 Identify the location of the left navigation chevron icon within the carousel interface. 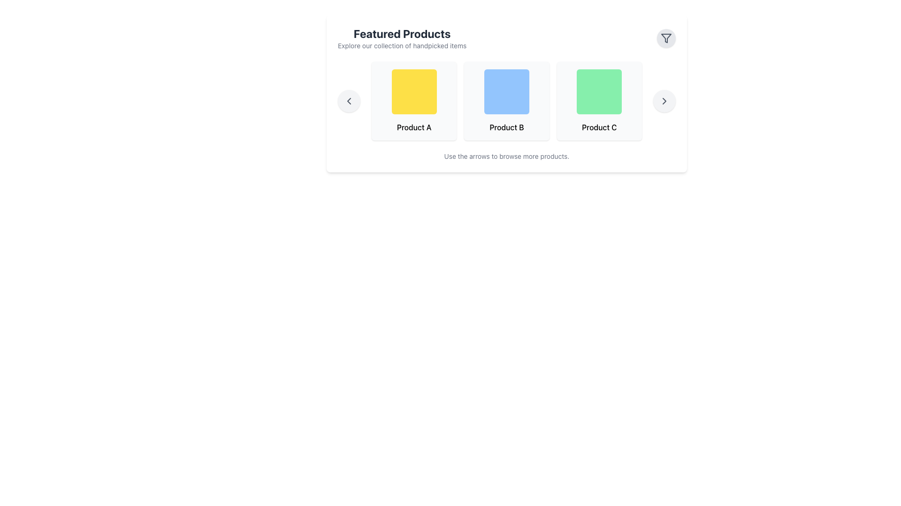
(349, 101).